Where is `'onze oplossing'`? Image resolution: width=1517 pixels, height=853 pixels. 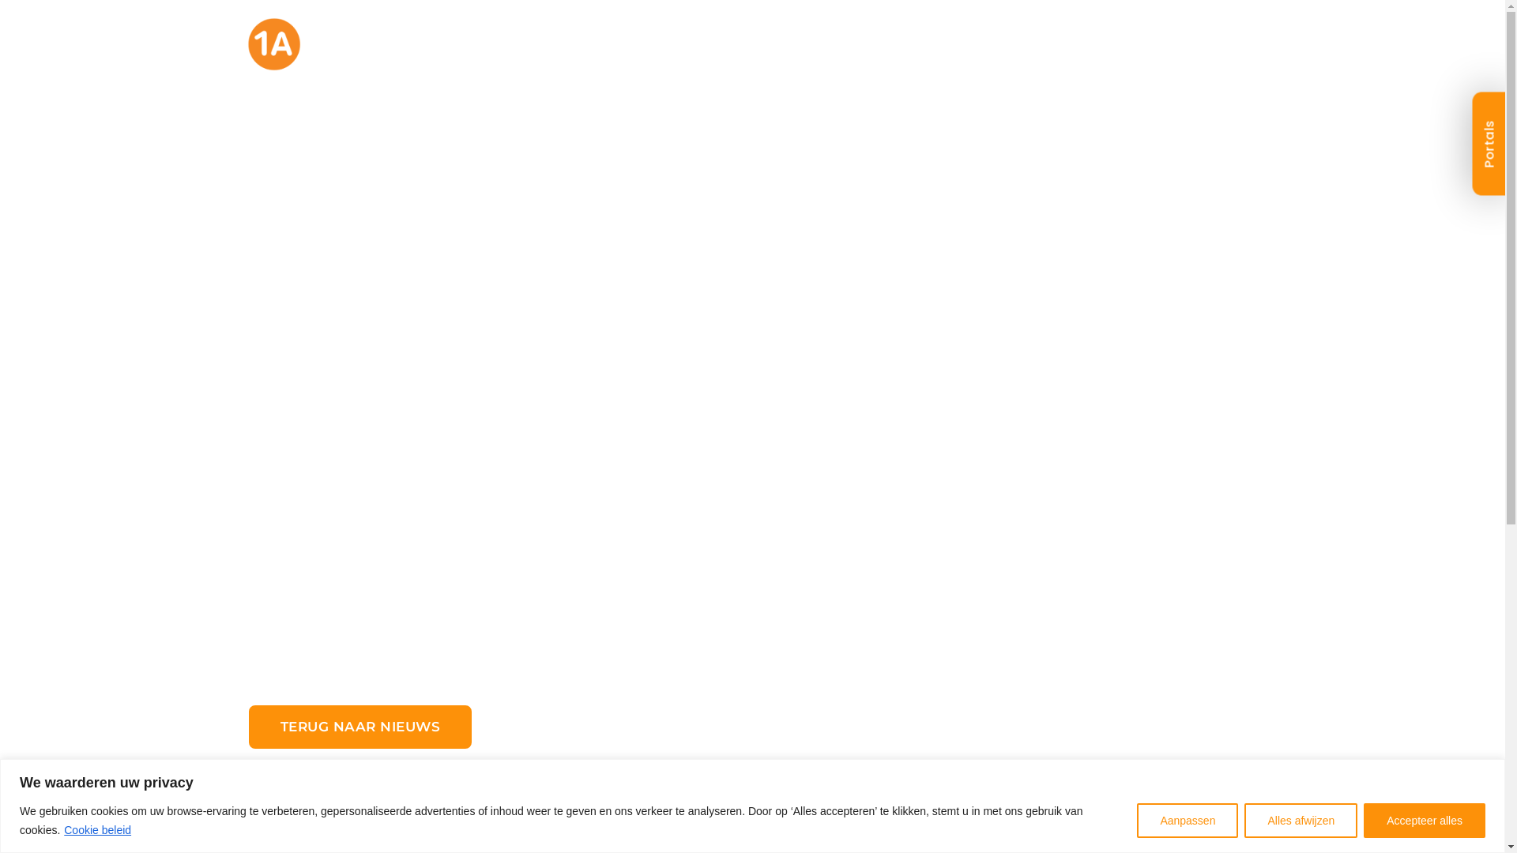
'onze oplossing' is located at coordinates (659, 54).